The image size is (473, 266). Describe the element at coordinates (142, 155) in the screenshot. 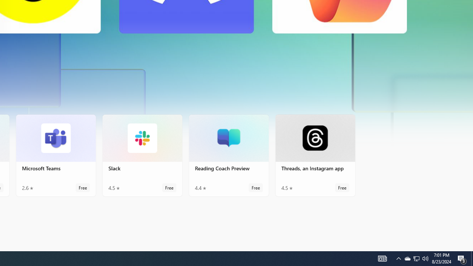

I see `'Slack. Average rating of 4.5 out of five stars. Free  '` at that location.